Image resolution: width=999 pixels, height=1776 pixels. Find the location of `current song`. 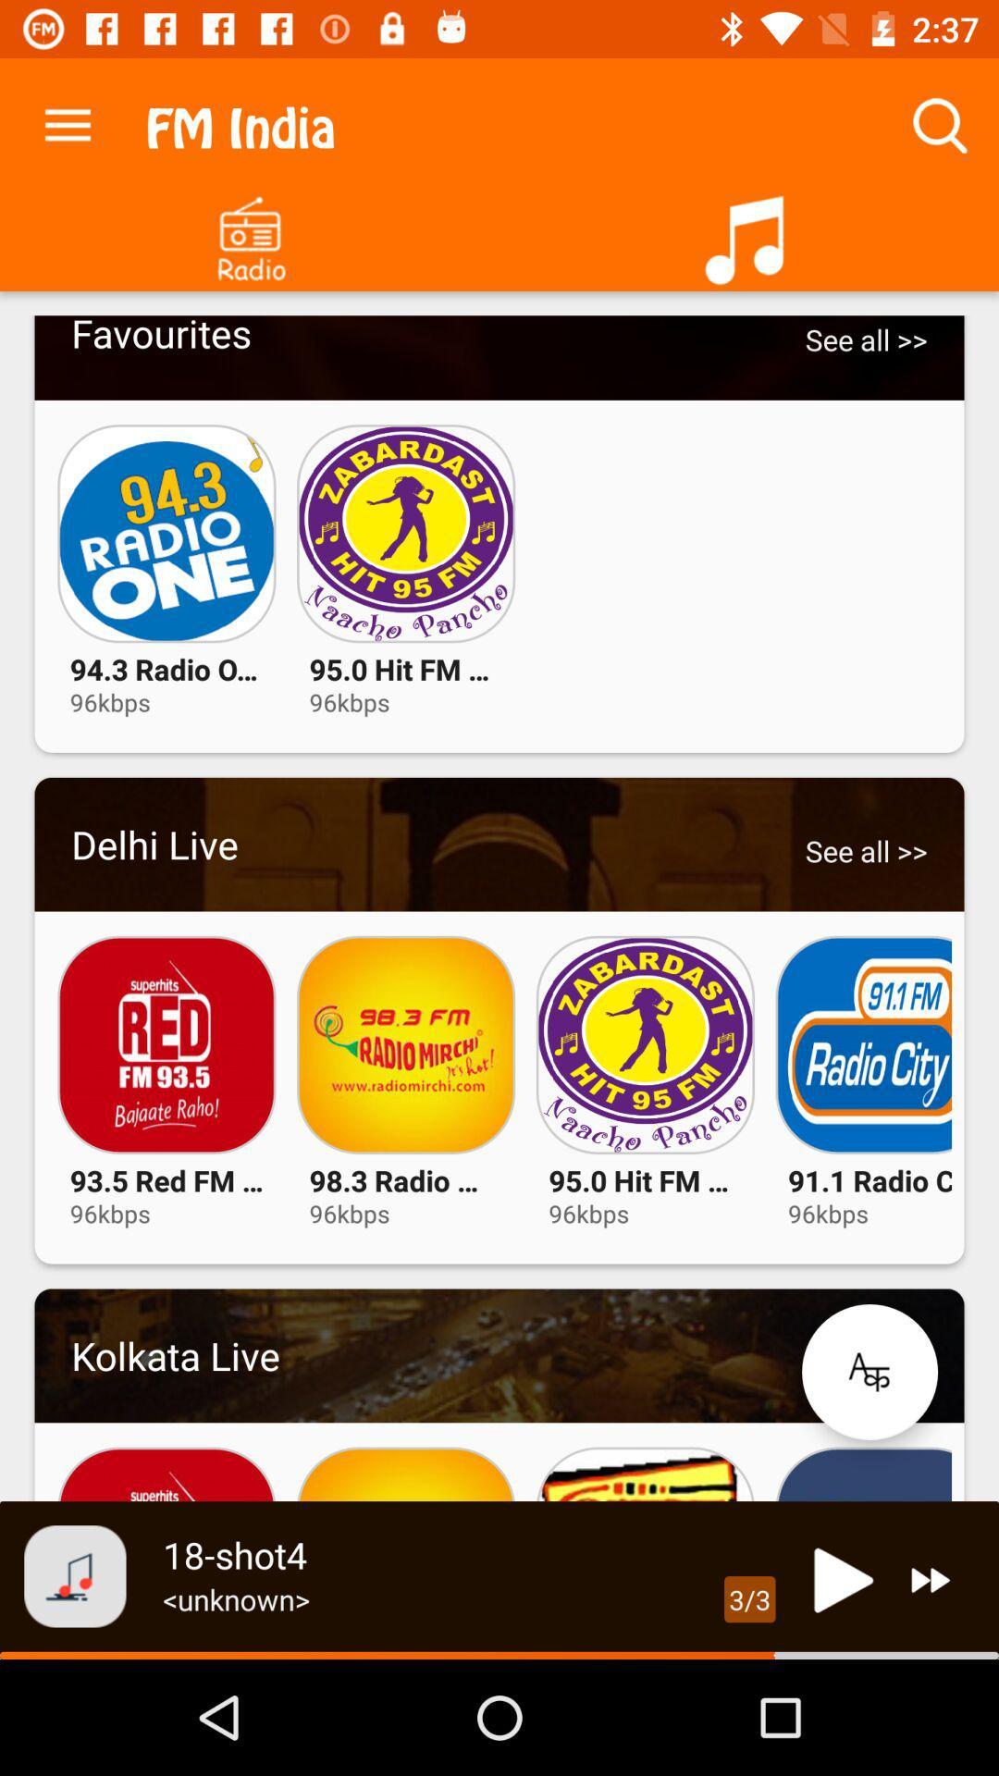

current song is located at coordinates (838, 1579).